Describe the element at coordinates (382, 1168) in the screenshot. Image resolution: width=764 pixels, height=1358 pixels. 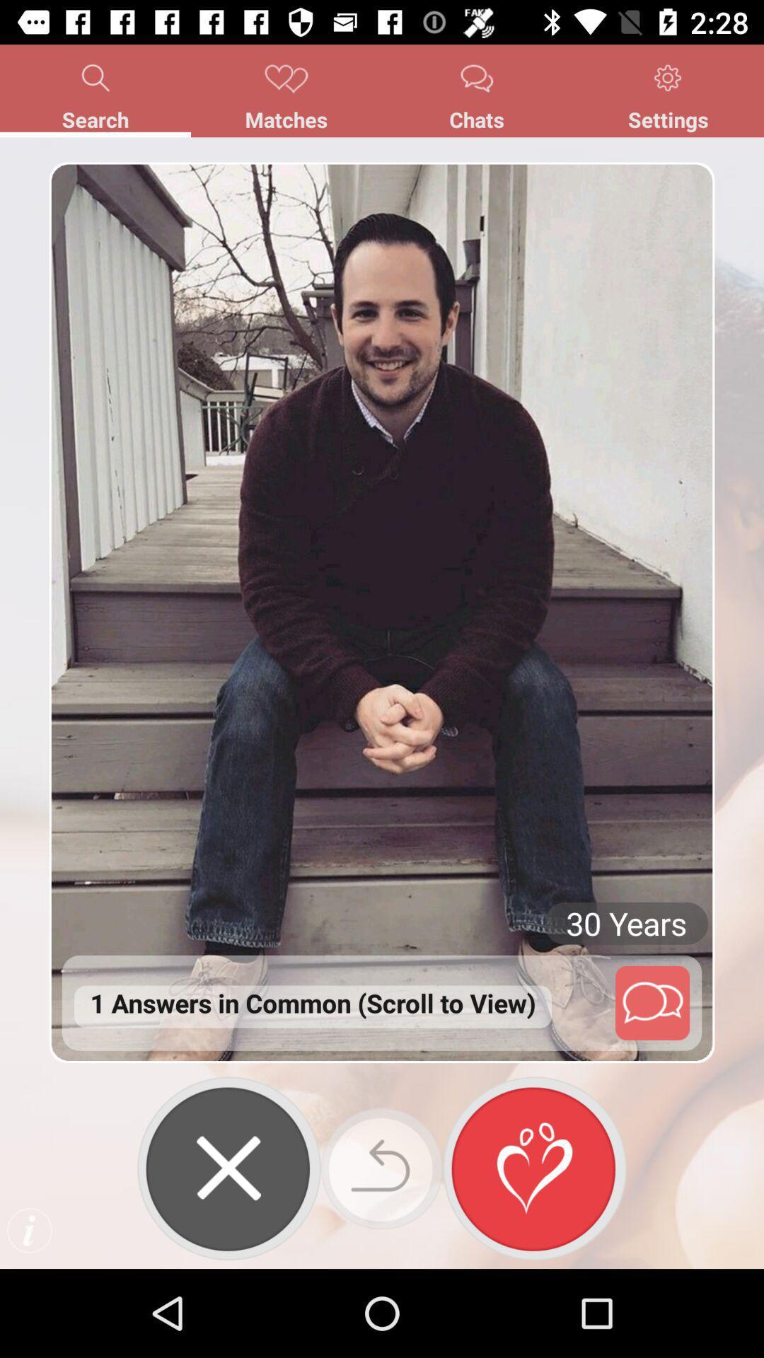
I see `the undo icon` at that location.